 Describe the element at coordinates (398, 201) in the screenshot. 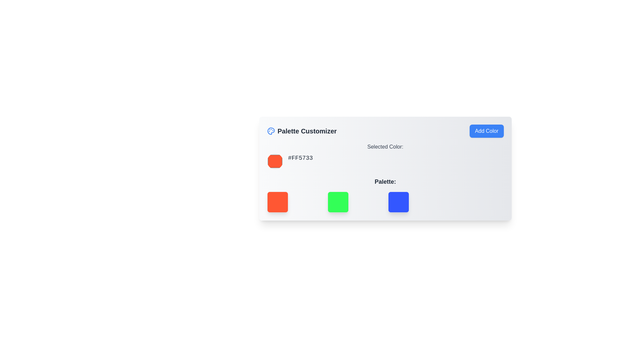

I see `the interactive visual indicator button with a blue background, which is the third square in the horizontal palette layout, located slightly to the left of the 'Add Color' button` at that location.